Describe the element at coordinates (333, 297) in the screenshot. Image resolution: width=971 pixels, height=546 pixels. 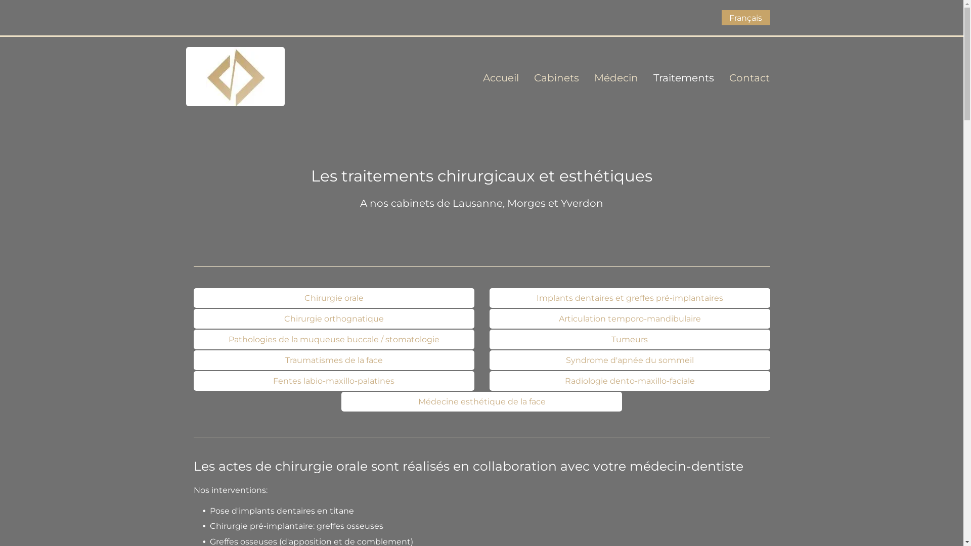
I see `'Chirurgie orale'` at that location.